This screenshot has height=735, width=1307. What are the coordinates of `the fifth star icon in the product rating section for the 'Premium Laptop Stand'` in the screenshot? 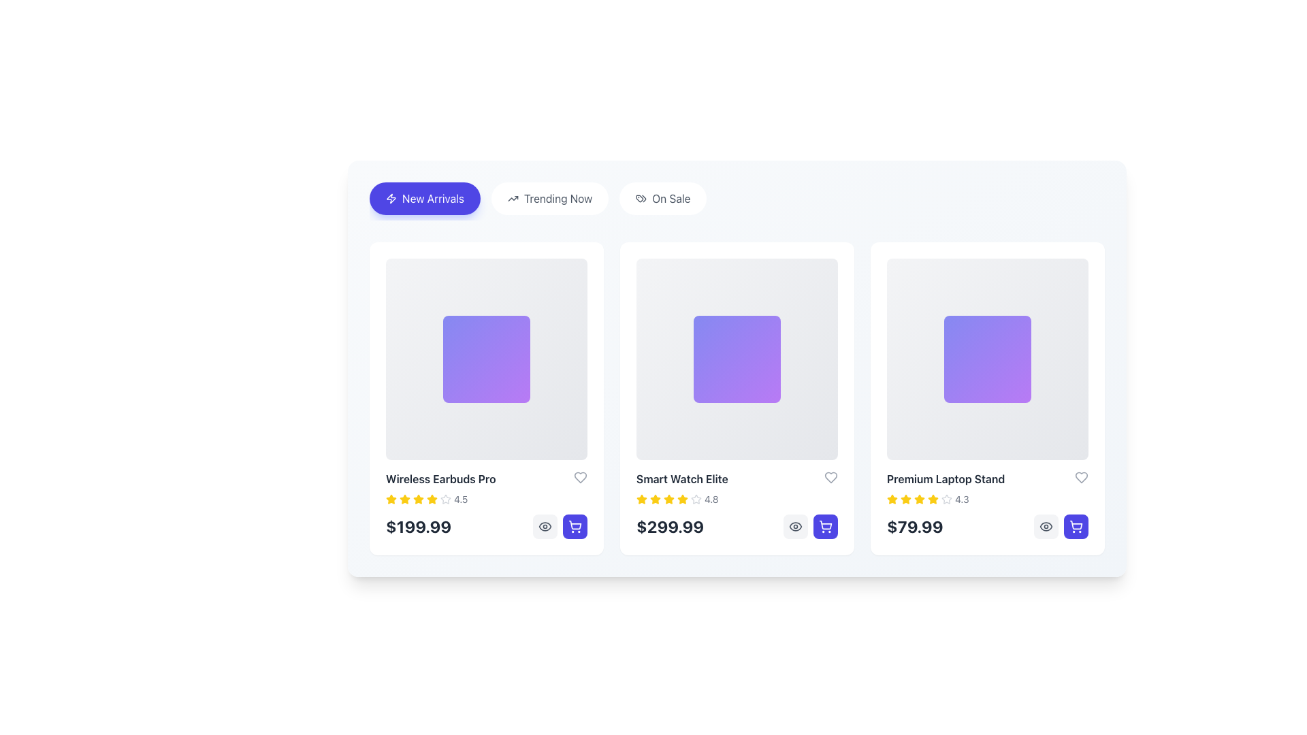 It's located at (933, 499).